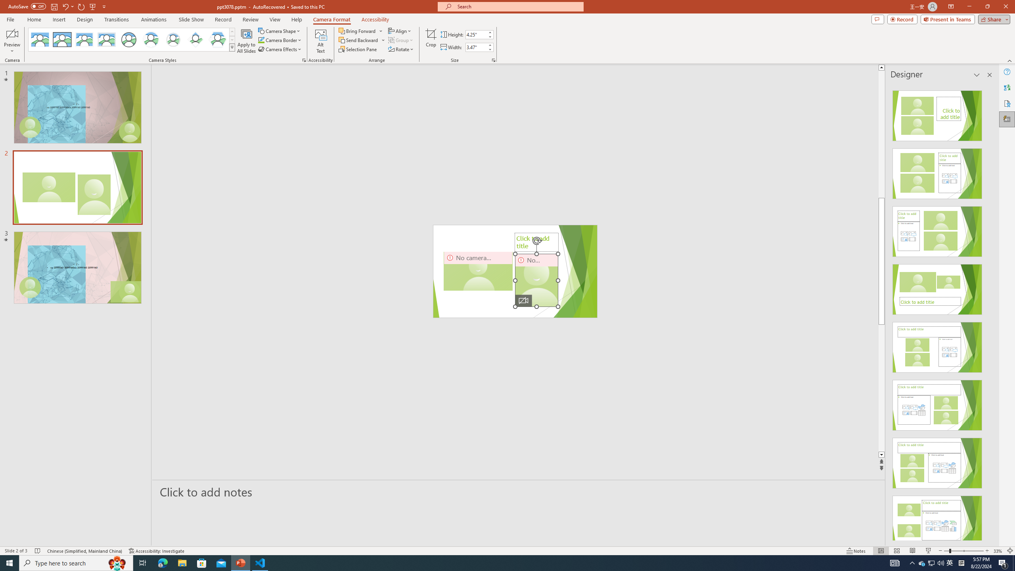  I want to click on 'Group', so click(401, 39).